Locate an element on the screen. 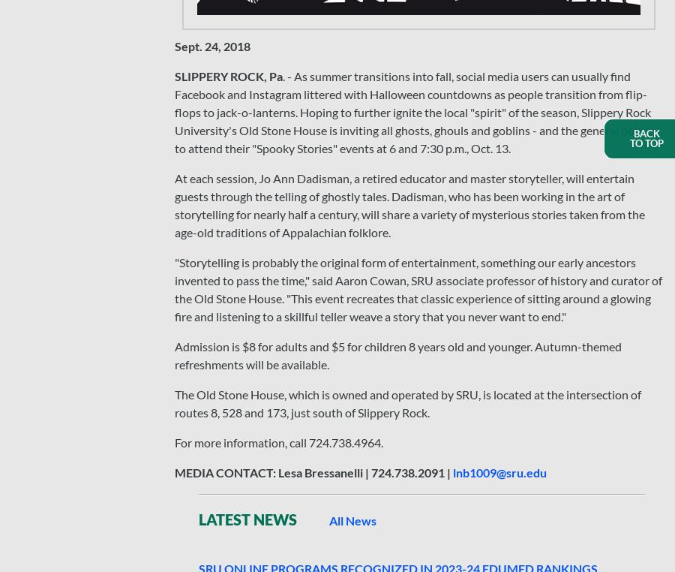 This screenshot has width=675, height=572. 'All News' is located at coordinates (352, 519).